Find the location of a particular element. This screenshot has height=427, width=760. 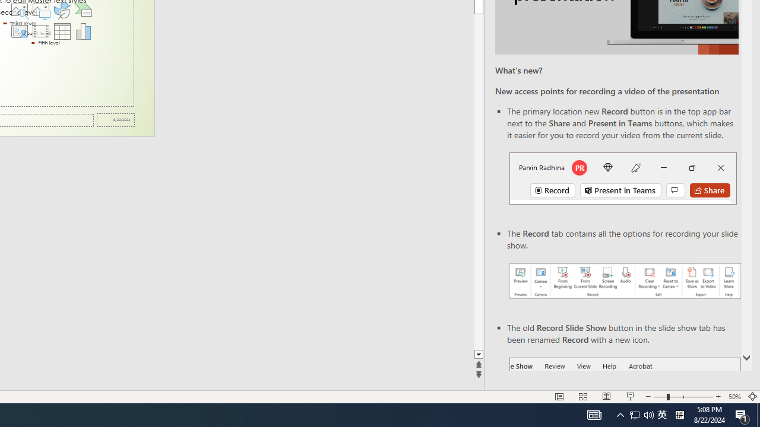

'Stock Images' is located at coordinates (19, 9).